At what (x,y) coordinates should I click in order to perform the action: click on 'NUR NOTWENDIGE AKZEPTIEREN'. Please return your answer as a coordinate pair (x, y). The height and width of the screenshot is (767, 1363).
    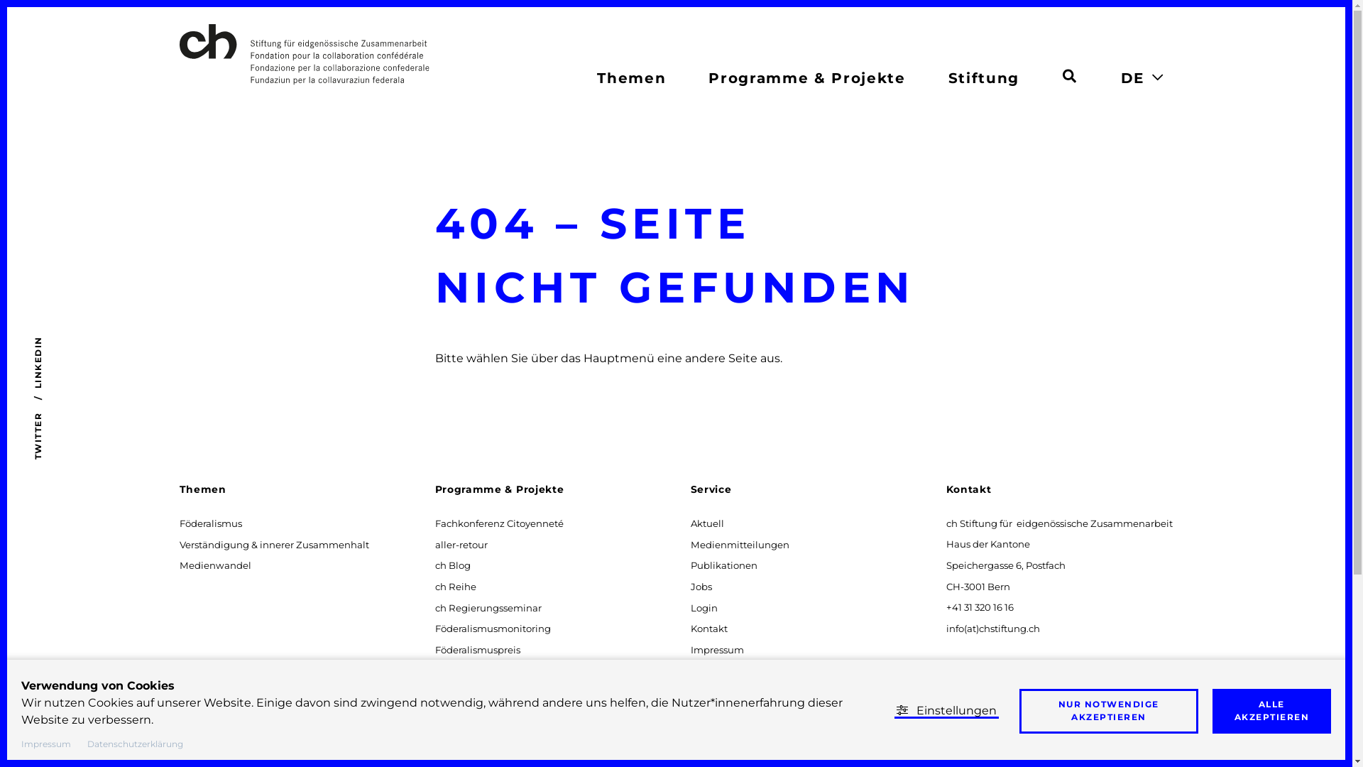
    Looking at the image, I should click on (1107, 711).